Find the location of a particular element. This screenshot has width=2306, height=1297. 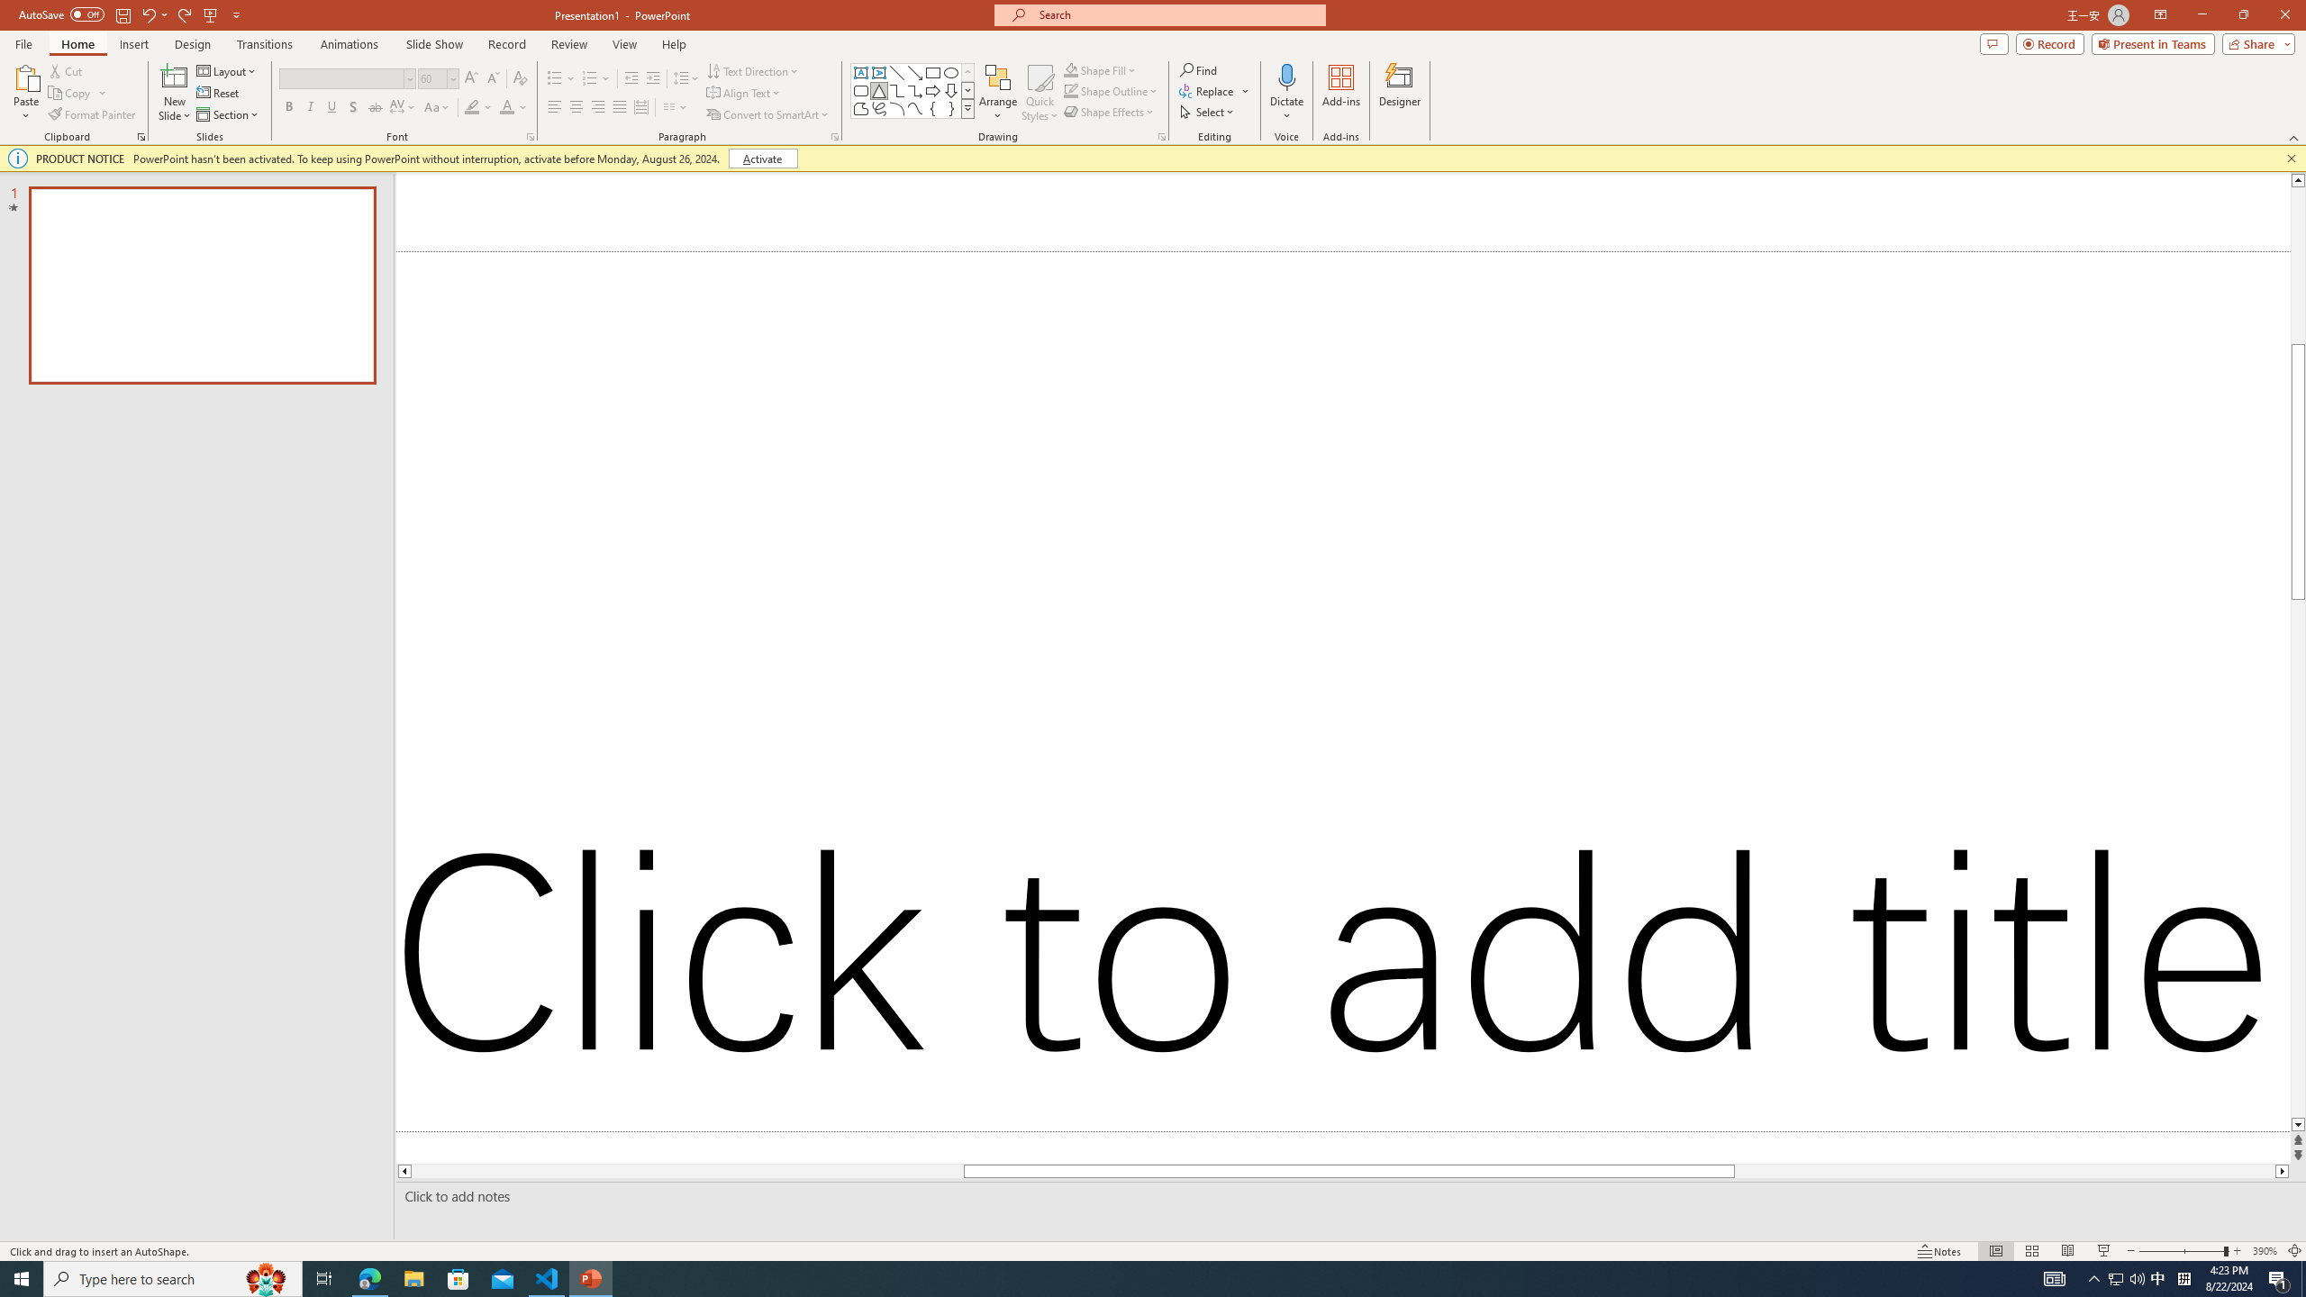

'Clear Formatting' is located at coordinates (519, 78).